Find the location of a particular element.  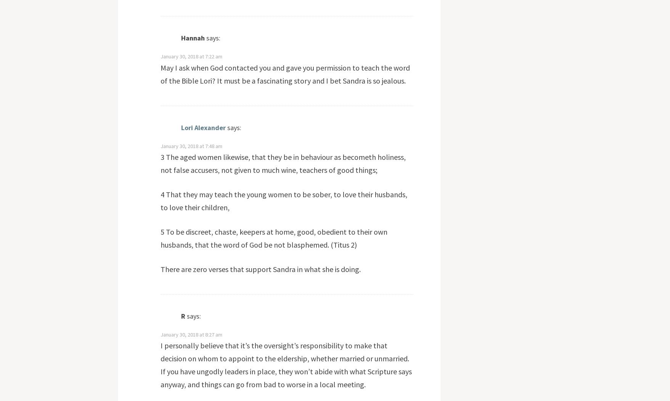

'There are zero verses that support Sandra in what she is doing.' is located at coordinates (159, 268).